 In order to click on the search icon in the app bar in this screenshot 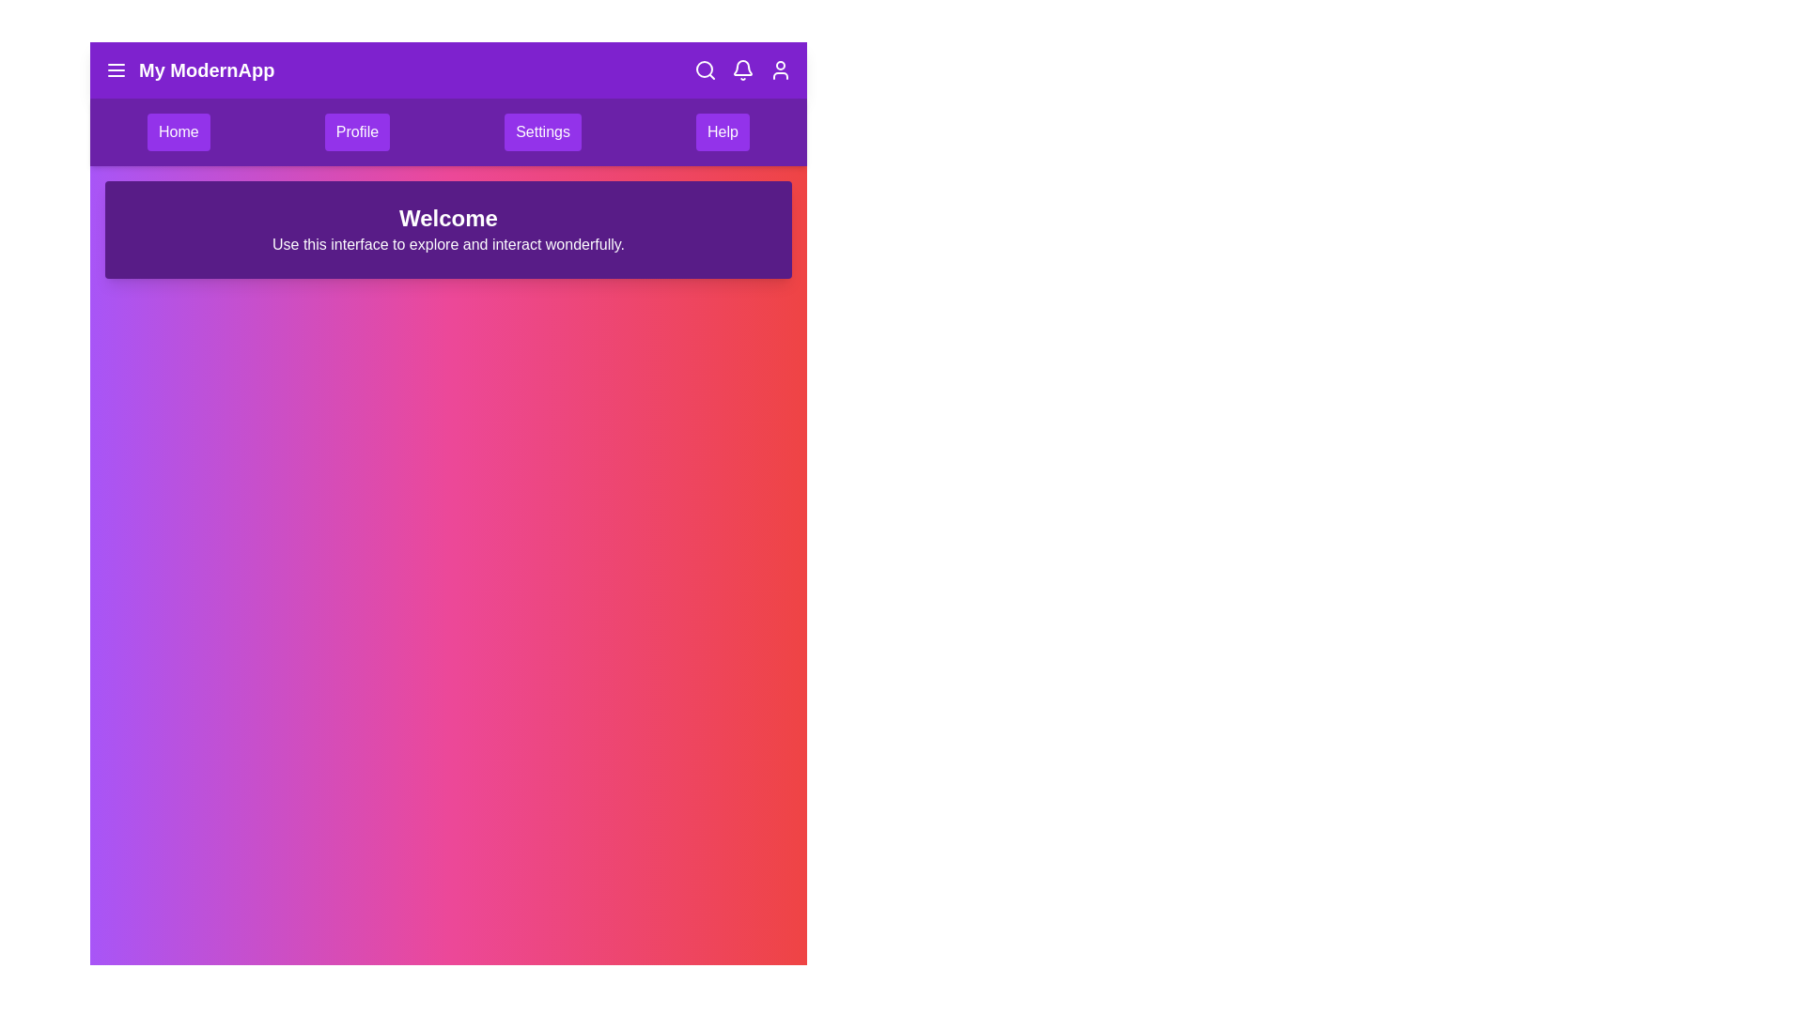, I will do `click(704, 69)`.